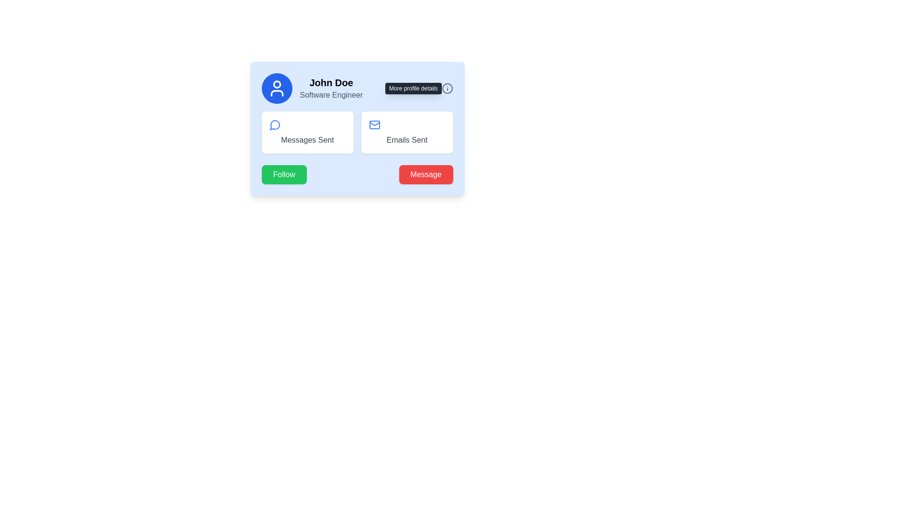 This screenshot has height=517, width=919. I want to click on the 'Message' button, which is a rectangular button with a red background and white text, located at the bottom-right corner of the card component, to initiate messaging, so click(426, 175).